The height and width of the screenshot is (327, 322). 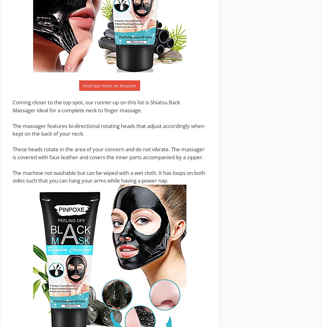 I want to click on 'The machine', so click(x=29, y=172).